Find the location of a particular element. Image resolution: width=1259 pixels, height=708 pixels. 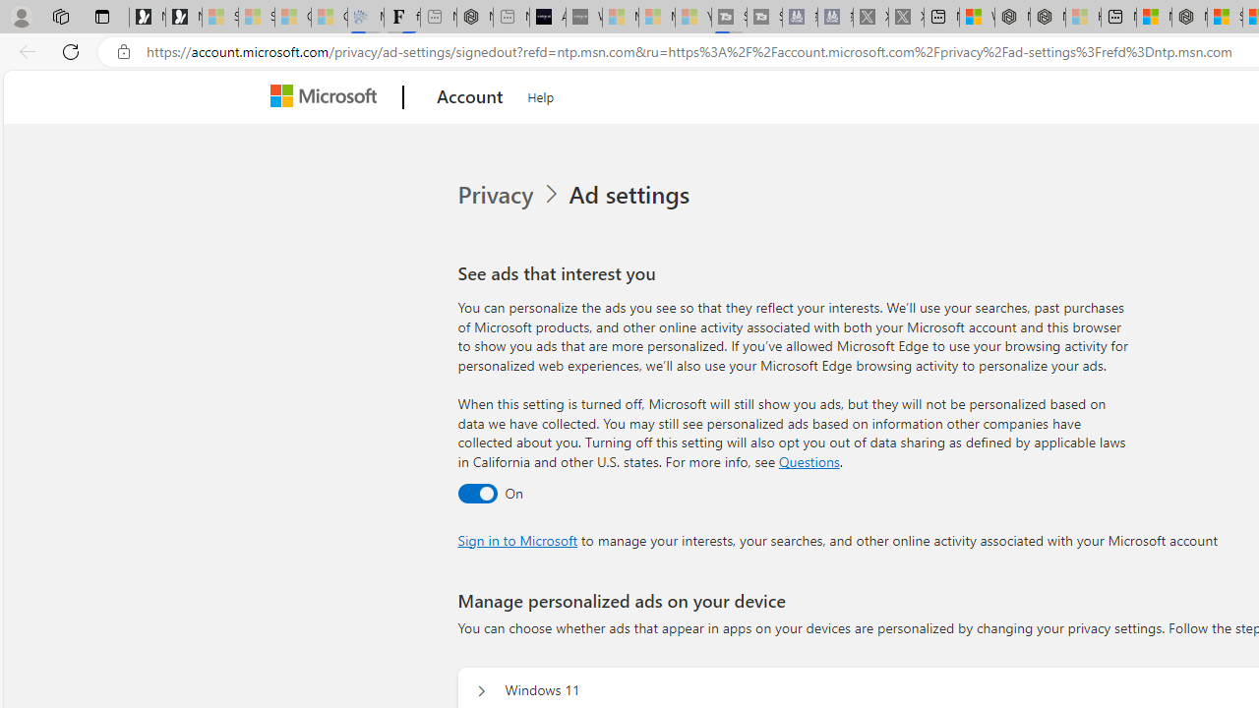

'Microsoft Start - Sleeping' is located at coordinates (657, 17).